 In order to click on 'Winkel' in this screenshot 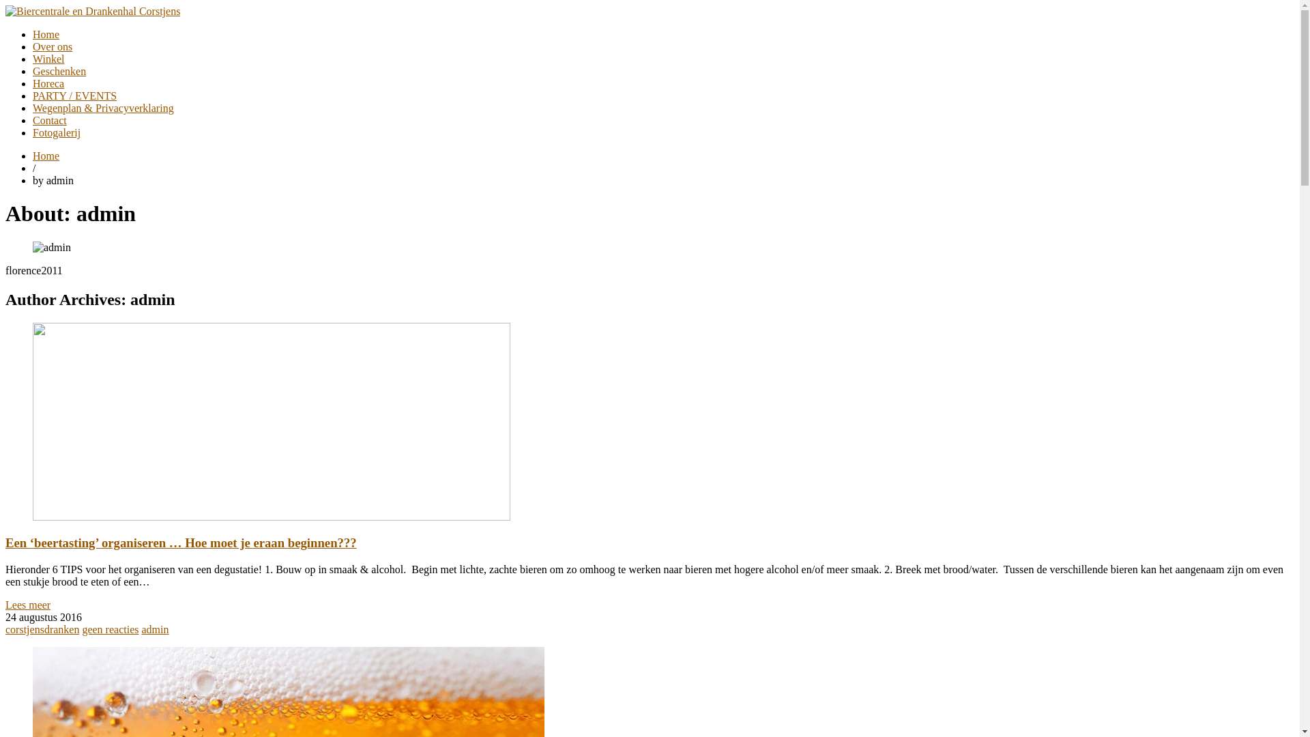, I will do `click(48, 58)`.